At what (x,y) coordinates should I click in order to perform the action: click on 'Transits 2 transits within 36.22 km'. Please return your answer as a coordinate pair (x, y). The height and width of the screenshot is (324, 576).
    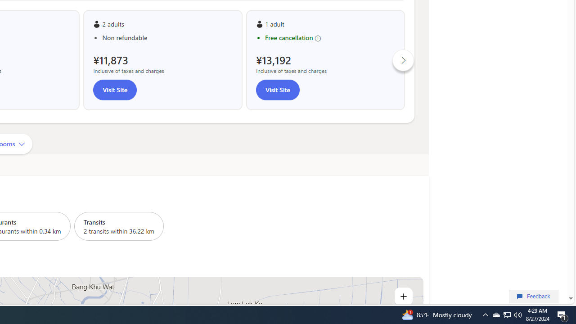
    Looking at the image, I should click on (118, 225).